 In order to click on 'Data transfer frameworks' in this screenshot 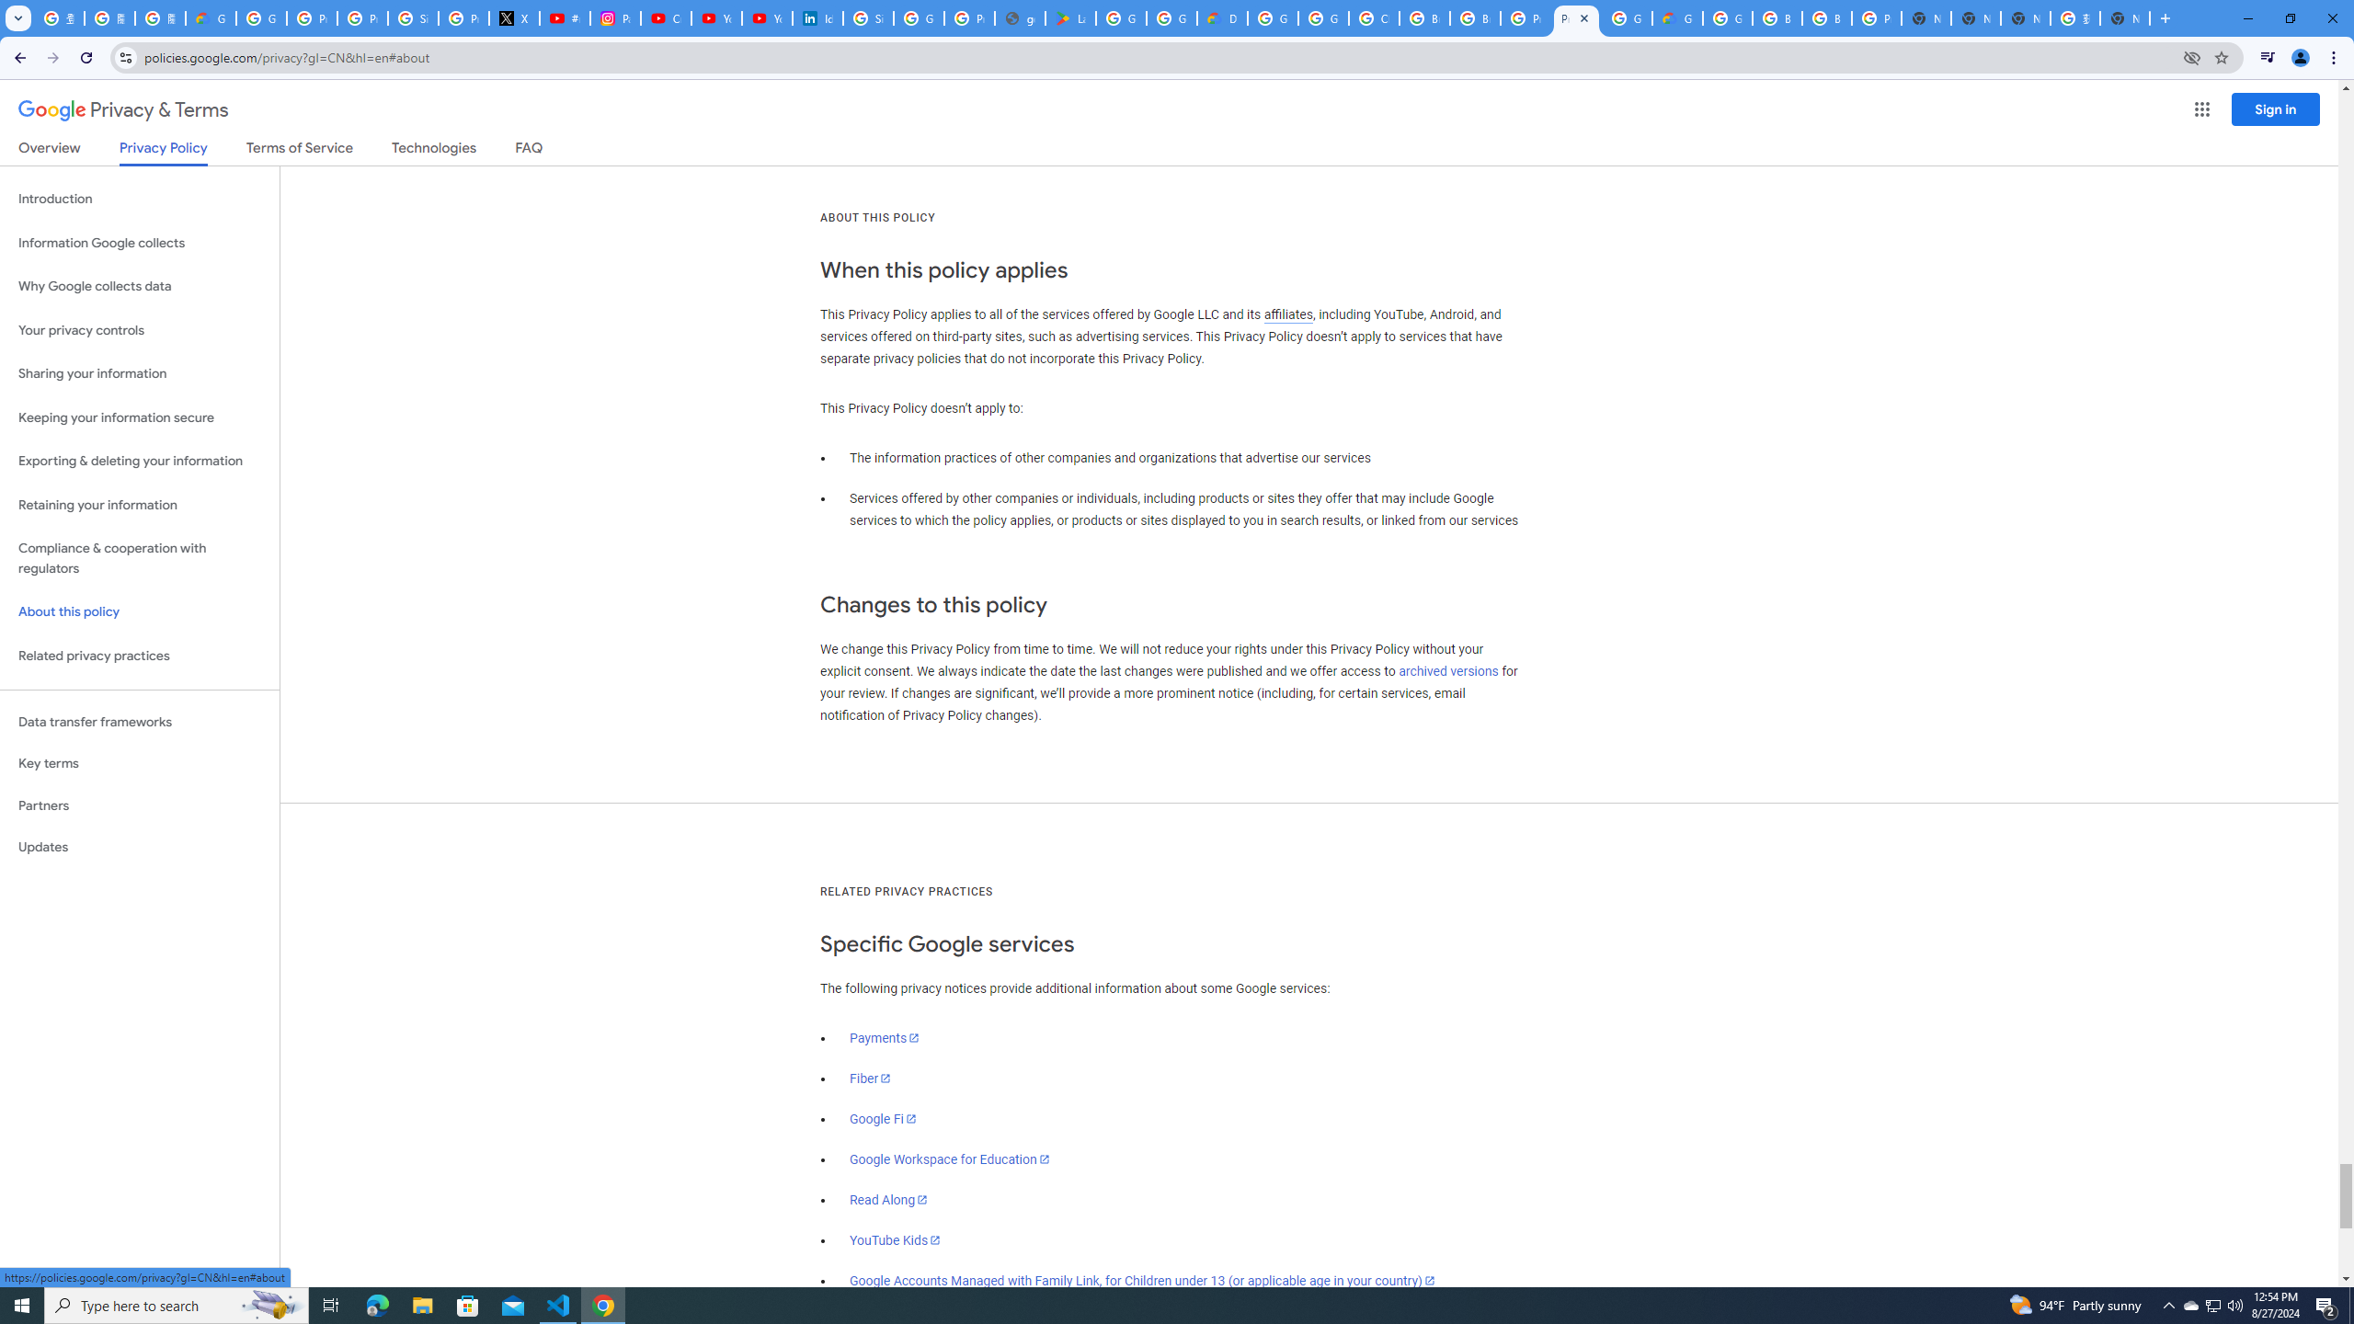, I will do `click(139, 722)`.